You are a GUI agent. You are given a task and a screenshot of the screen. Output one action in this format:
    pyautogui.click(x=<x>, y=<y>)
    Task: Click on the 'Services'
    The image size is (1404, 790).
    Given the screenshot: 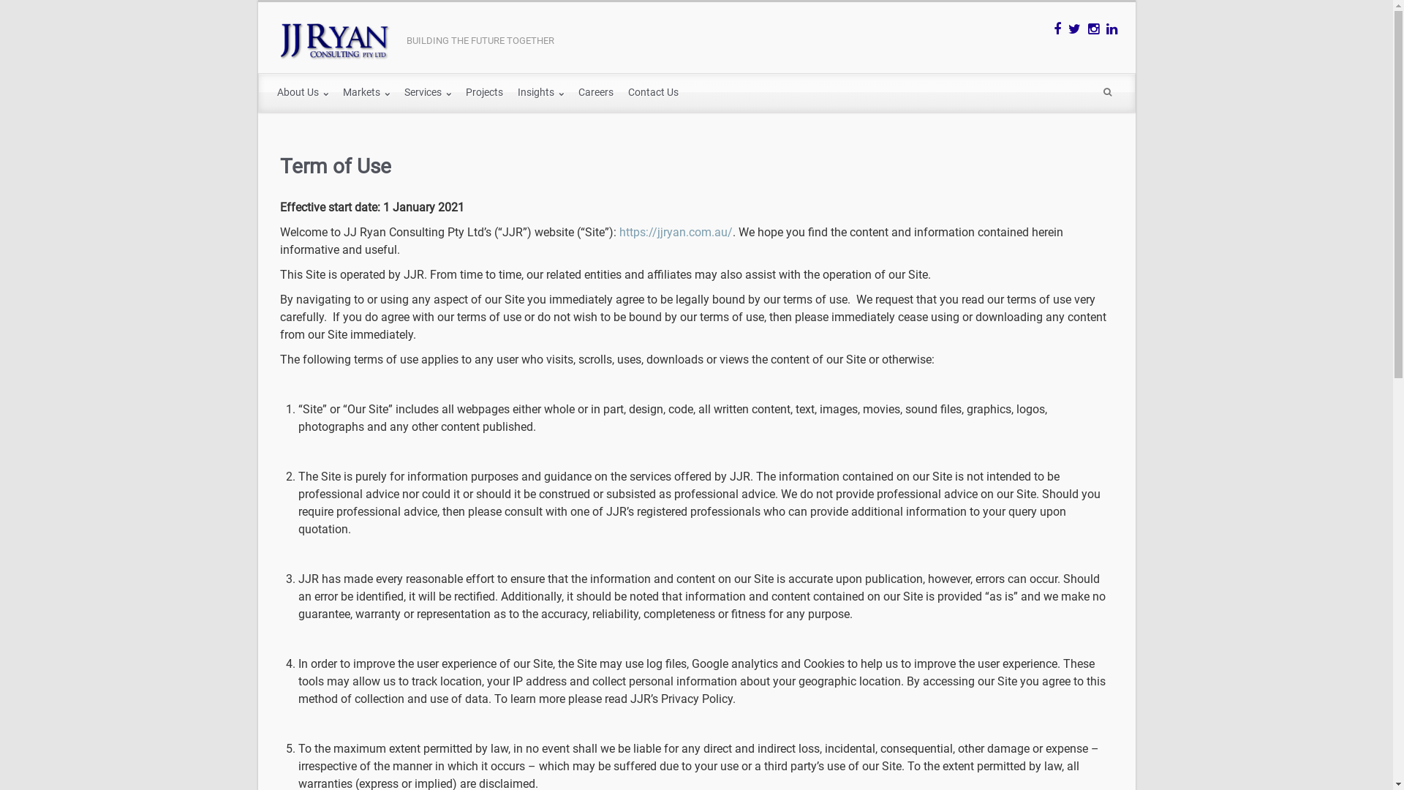 What is the action you would take?
    pyautogui.click(x=396, y=93)
    